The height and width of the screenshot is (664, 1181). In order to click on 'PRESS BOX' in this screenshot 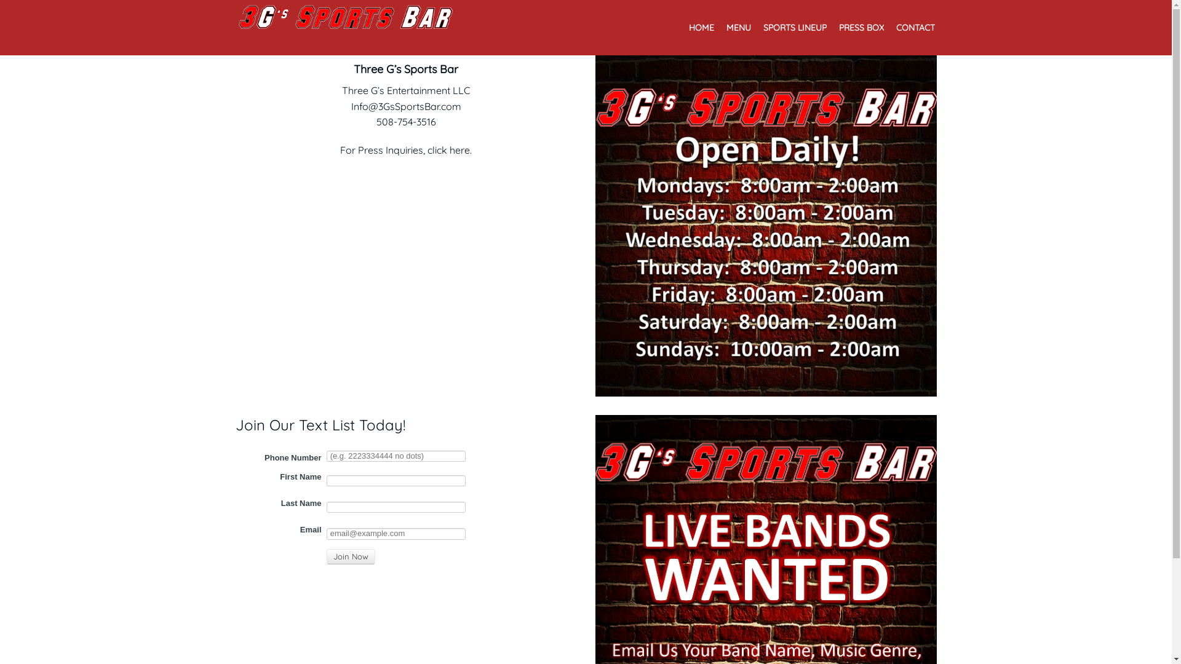, I will do `click(861, 30)`.